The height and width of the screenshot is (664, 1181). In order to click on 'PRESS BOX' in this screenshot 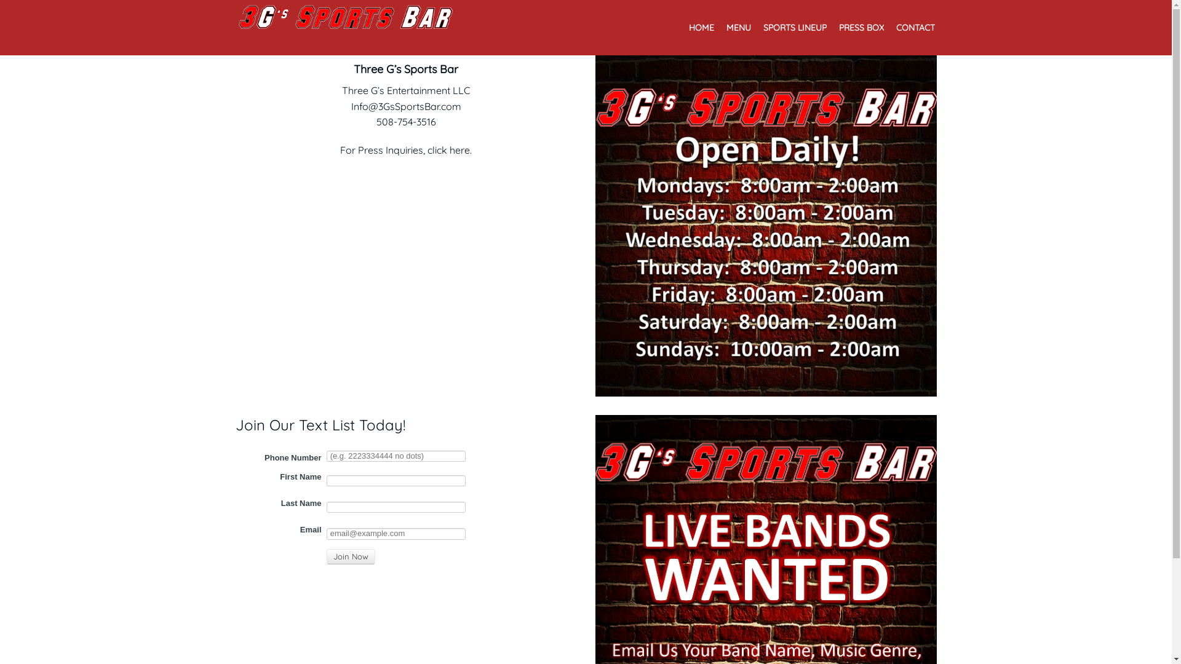, I will do `click(861, 30)`.